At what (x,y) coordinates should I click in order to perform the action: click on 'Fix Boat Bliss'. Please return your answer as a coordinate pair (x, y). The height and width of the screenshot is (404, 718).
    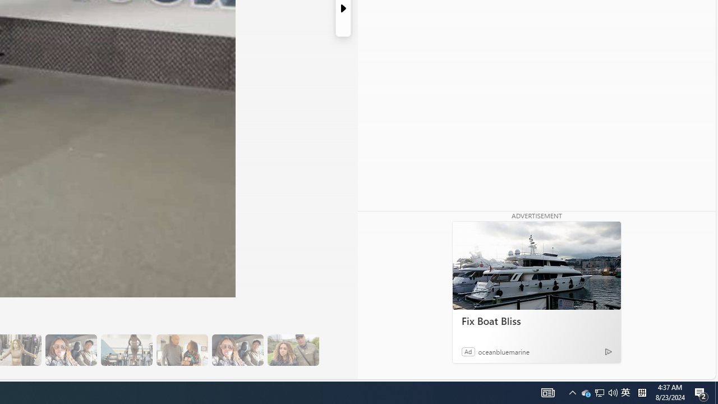
    Looking at the image, I should click on (536, 265).